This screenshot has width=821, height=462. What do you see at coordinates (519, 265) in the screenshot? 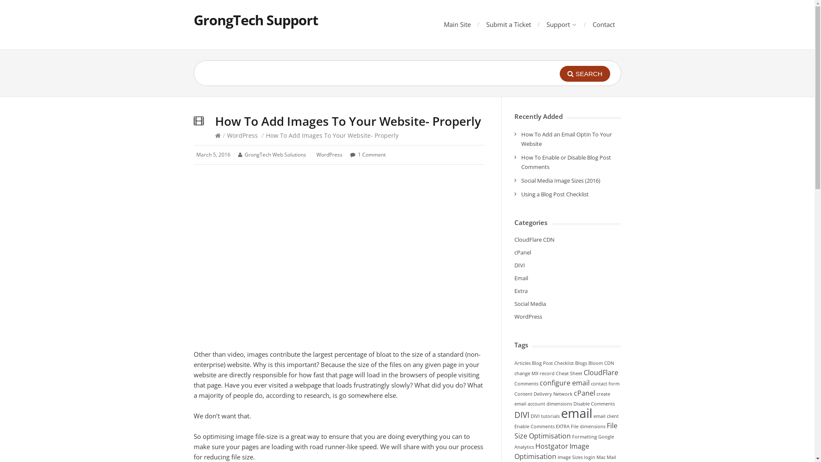
I see `'DIVI'` at bounding box center [519, 265].